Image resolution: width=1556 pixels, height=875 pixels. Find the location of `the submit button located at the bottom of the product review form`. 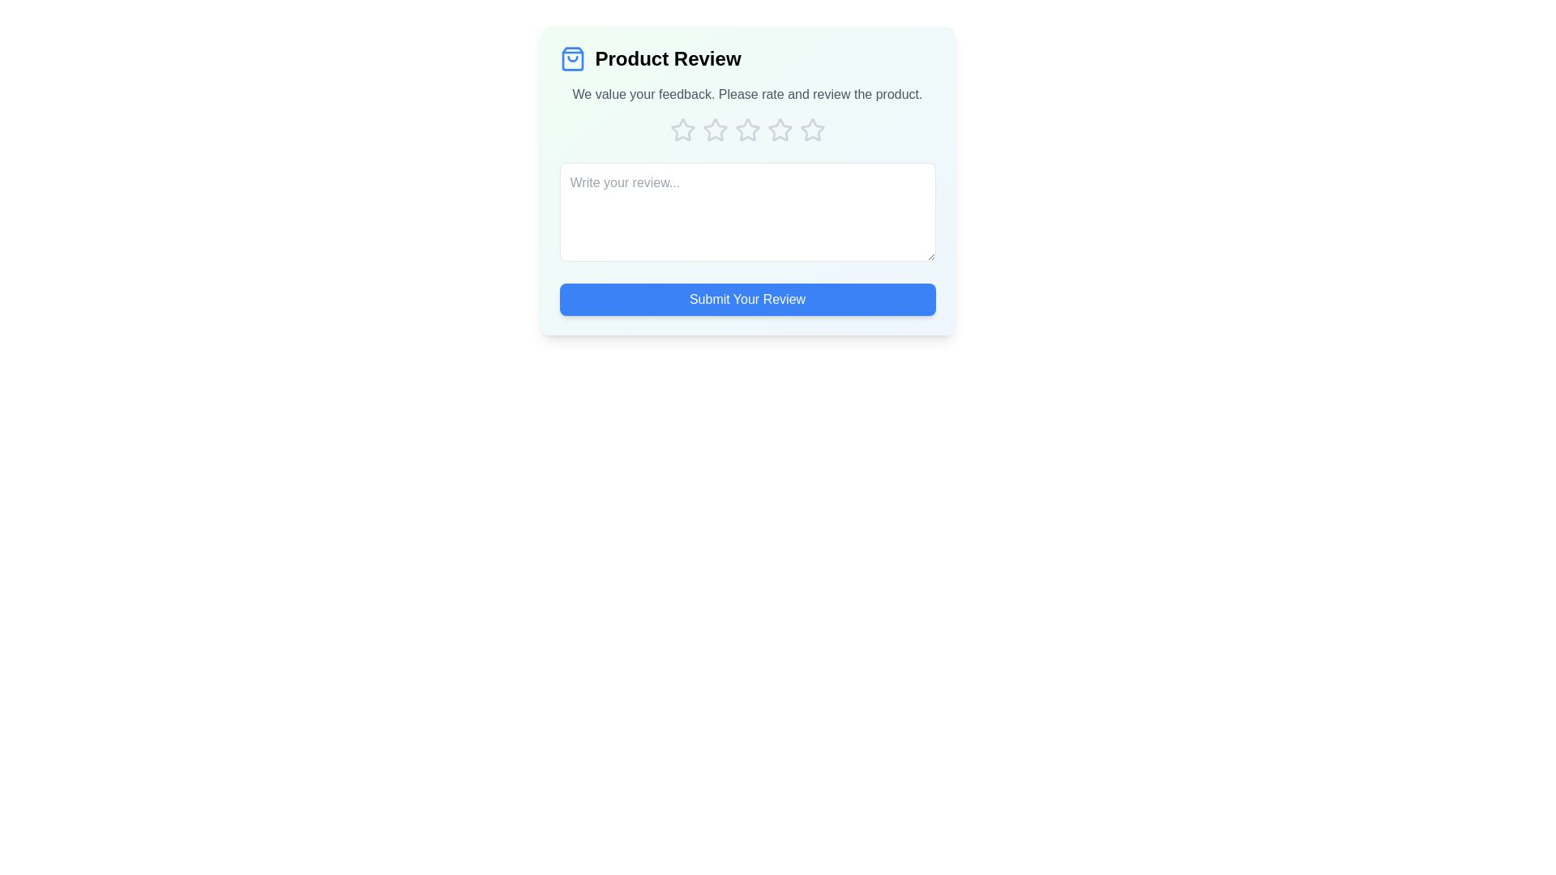

the submit button located at the bottom of the product review form is located at coordinates (746, 300).